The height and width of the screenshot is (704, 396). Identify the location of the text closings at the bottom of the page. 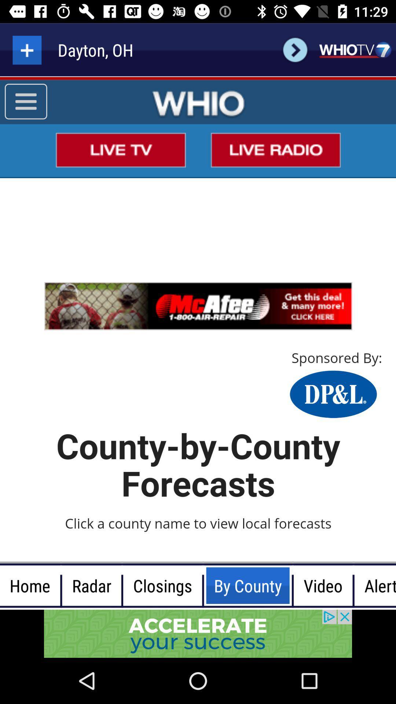
(162, 585).